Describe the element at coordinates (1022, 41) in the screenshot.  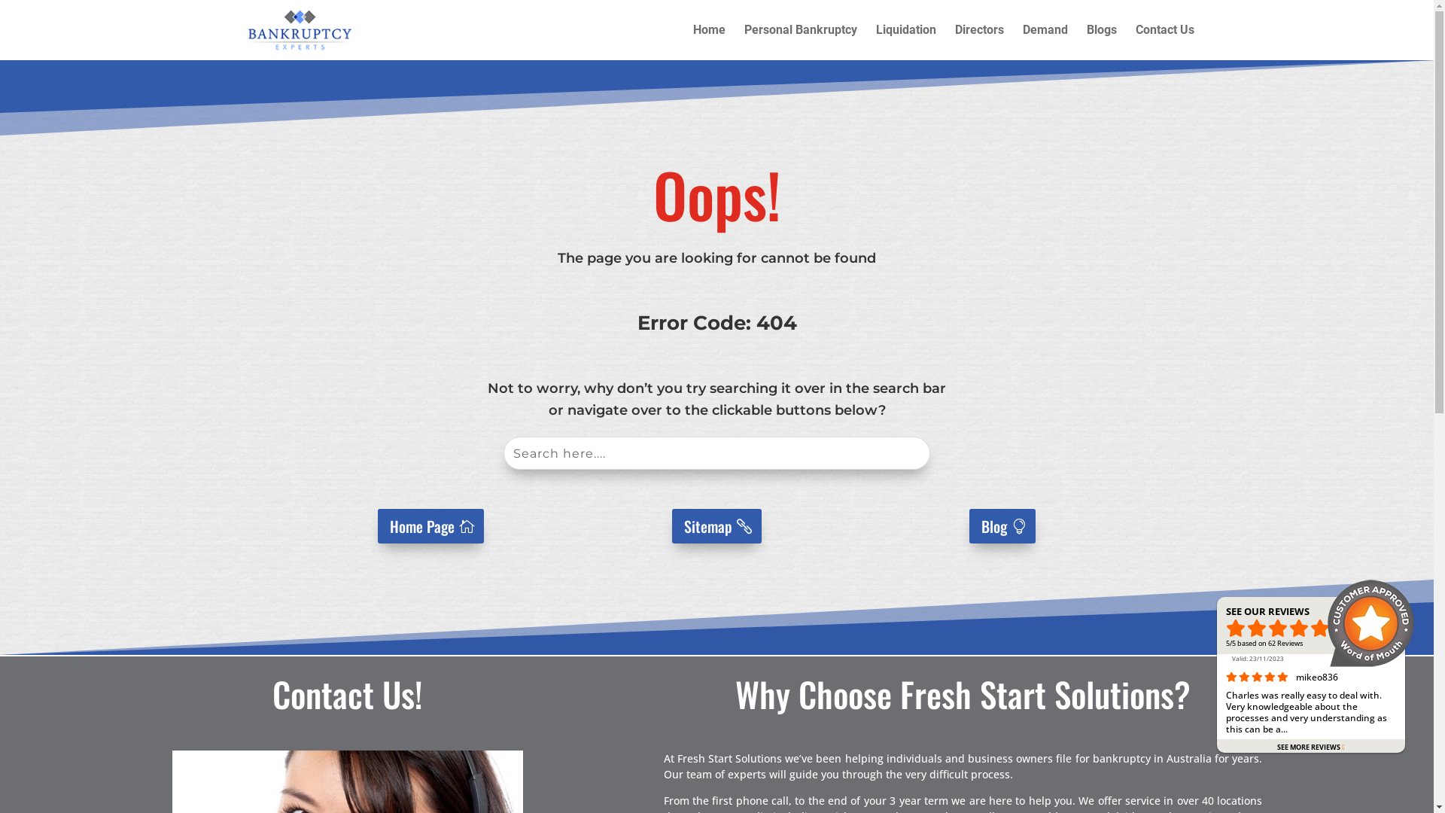
I see `'Demand'` at that location.